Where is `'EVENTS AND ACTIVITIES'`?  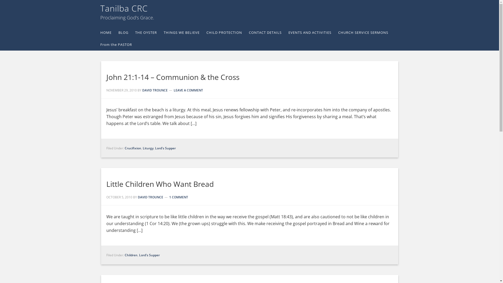 'EVENTS AND ACTIVITIES' is located at coordinates (313, 32).